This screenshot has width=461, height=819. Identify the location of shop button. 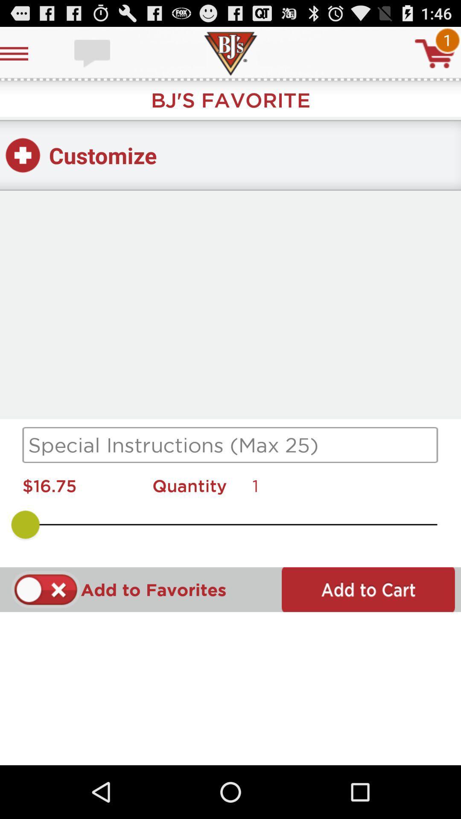
(435, 53).